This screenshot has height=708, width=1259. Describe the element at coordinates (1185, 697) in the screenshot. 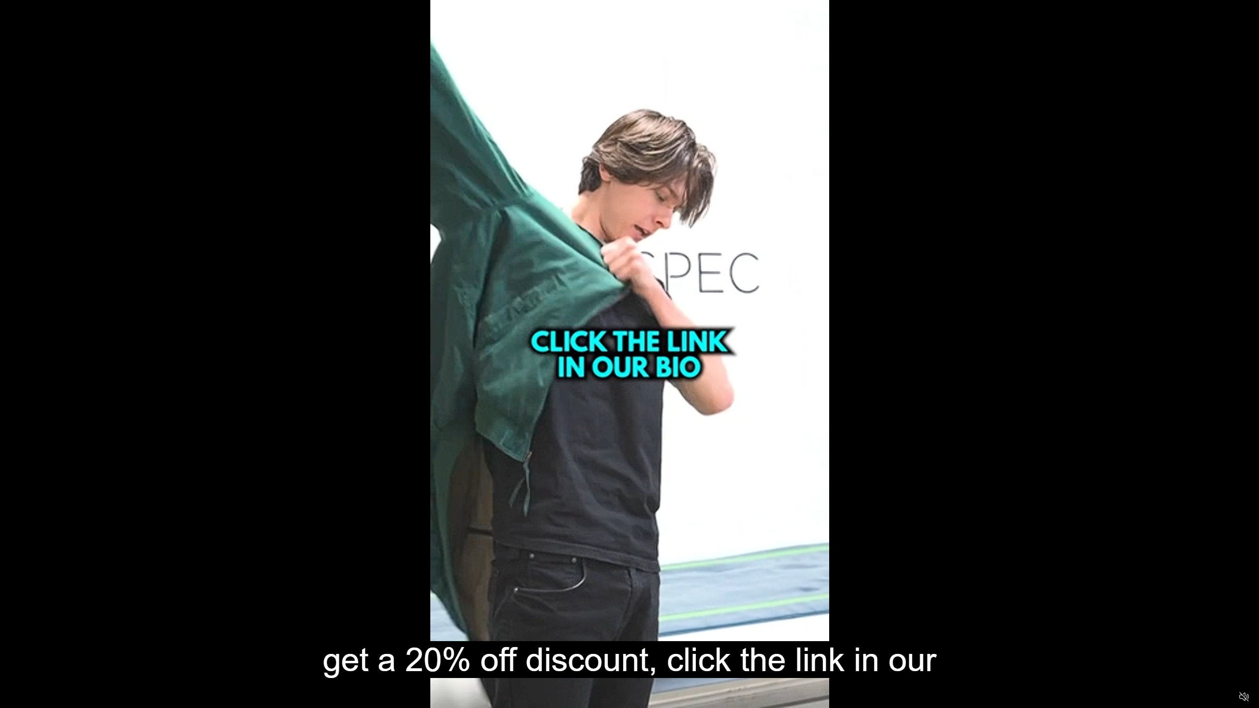

I see `'Quality Settings'` at that location.